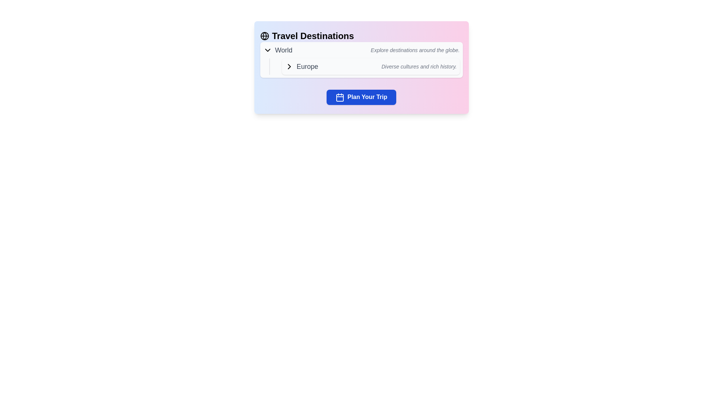 The width and height of the screenshot is (715, 402). Describe the element at coordinates (339, 97) in the screenshot. I see `the 'Plan Your Trip' button that contains the calendar icon located at the bottom-center of the user interface` at that location.